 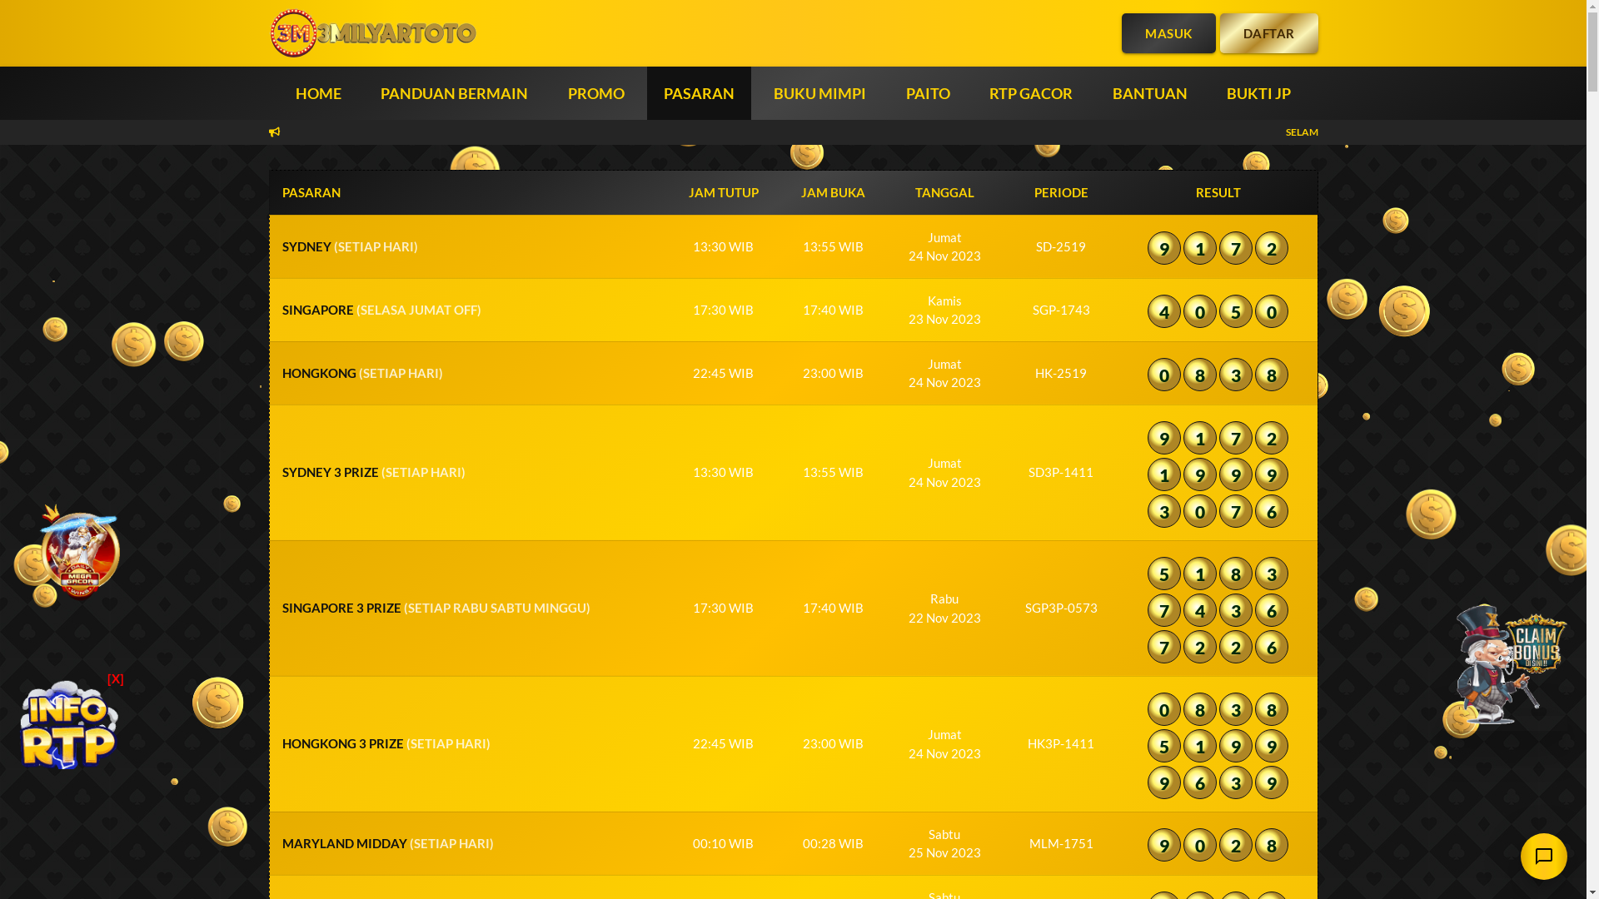 I want to click on 'HONGKONG 3 PRIZE (SETIAP HARI)', so click(x=384, y=743).